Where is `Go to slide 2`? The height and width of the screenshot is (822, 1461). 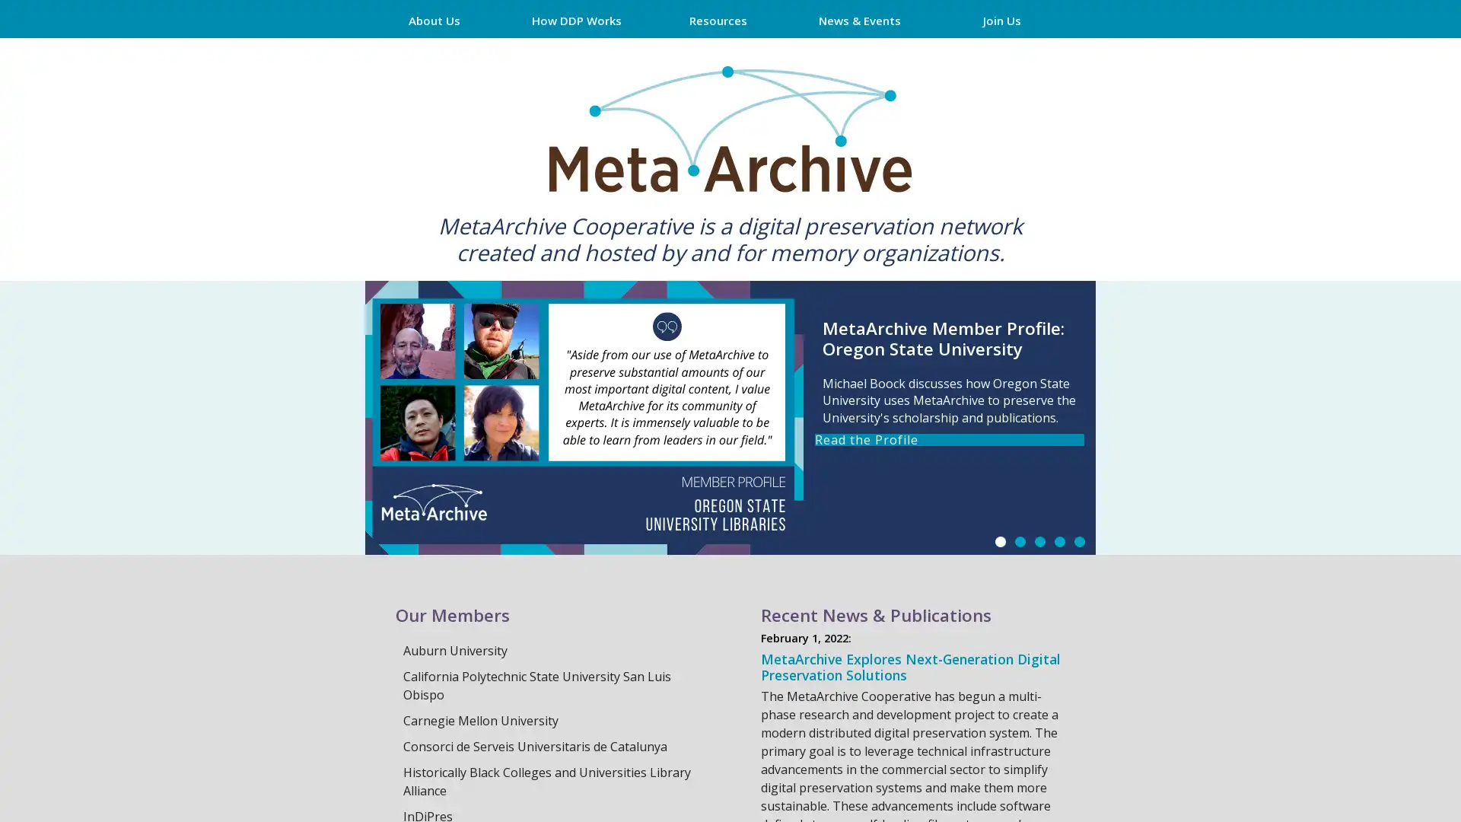 Go to slide 2 is located at coordinates (1020, 541).